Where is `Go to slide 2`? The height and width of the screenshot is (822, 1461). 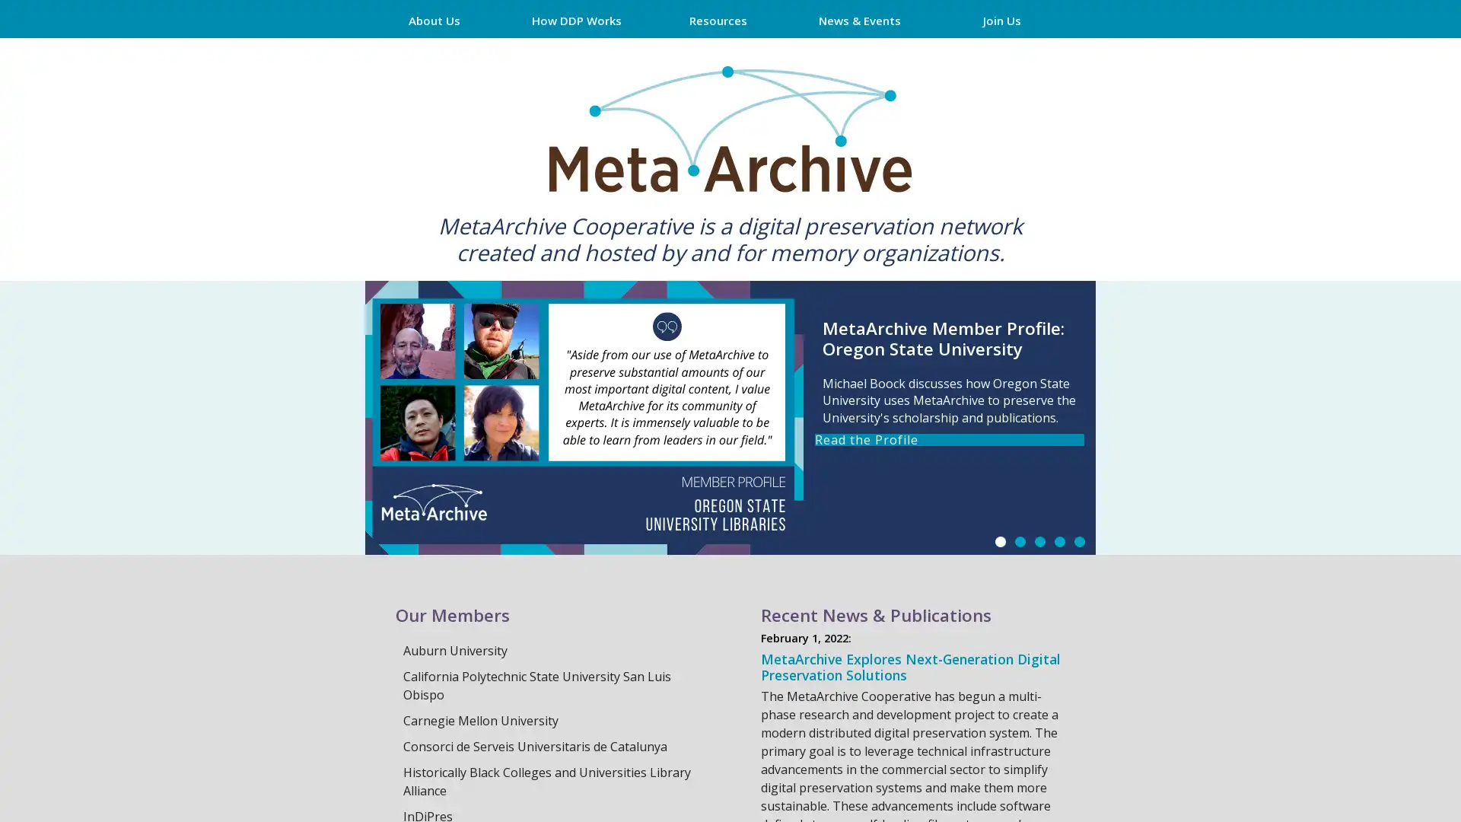 Go to slide 2 is located at coordinates (1020, 541).